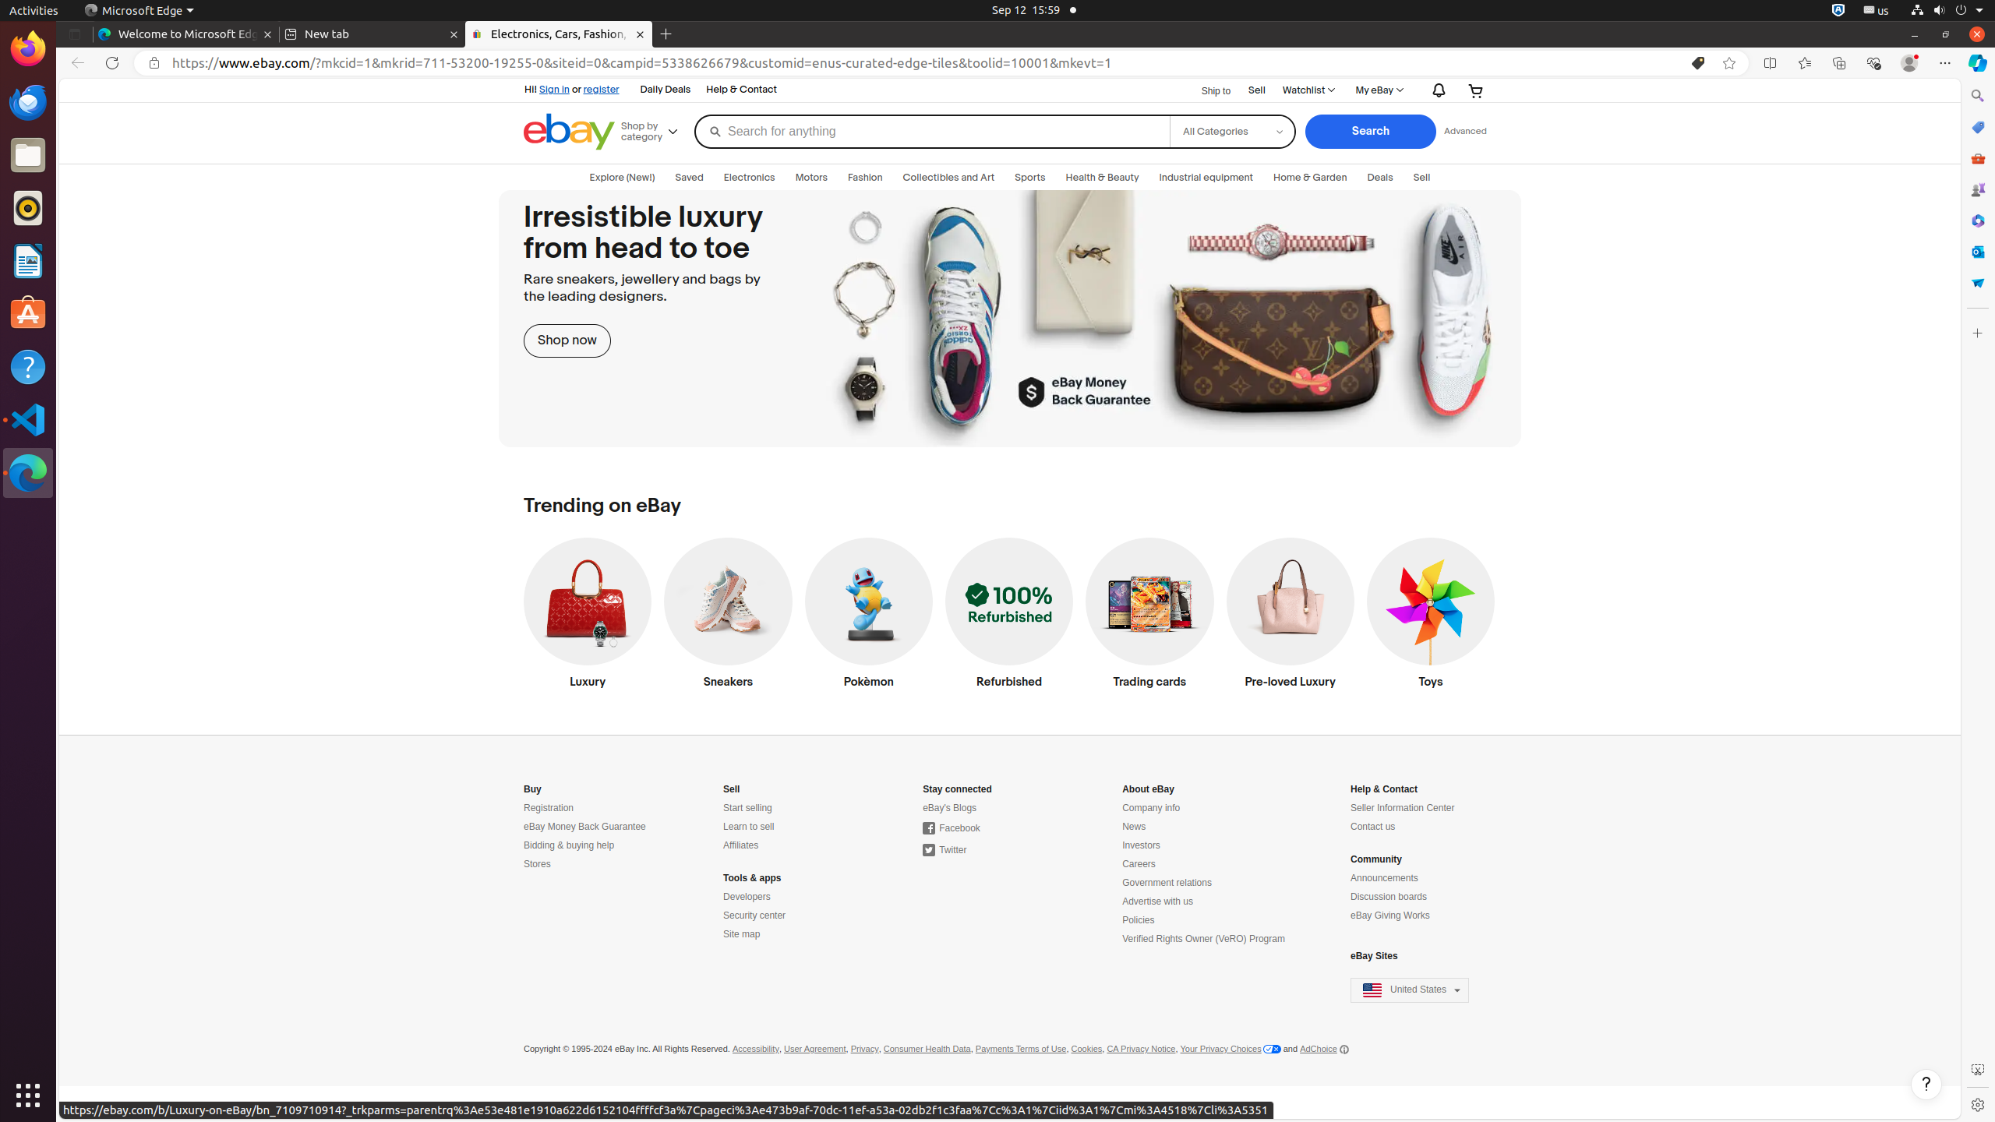  What do you see at coordinates (1401, 808) in the screenshot?
I see `'Seller Information Center'` at bounding box center [1401, 808].